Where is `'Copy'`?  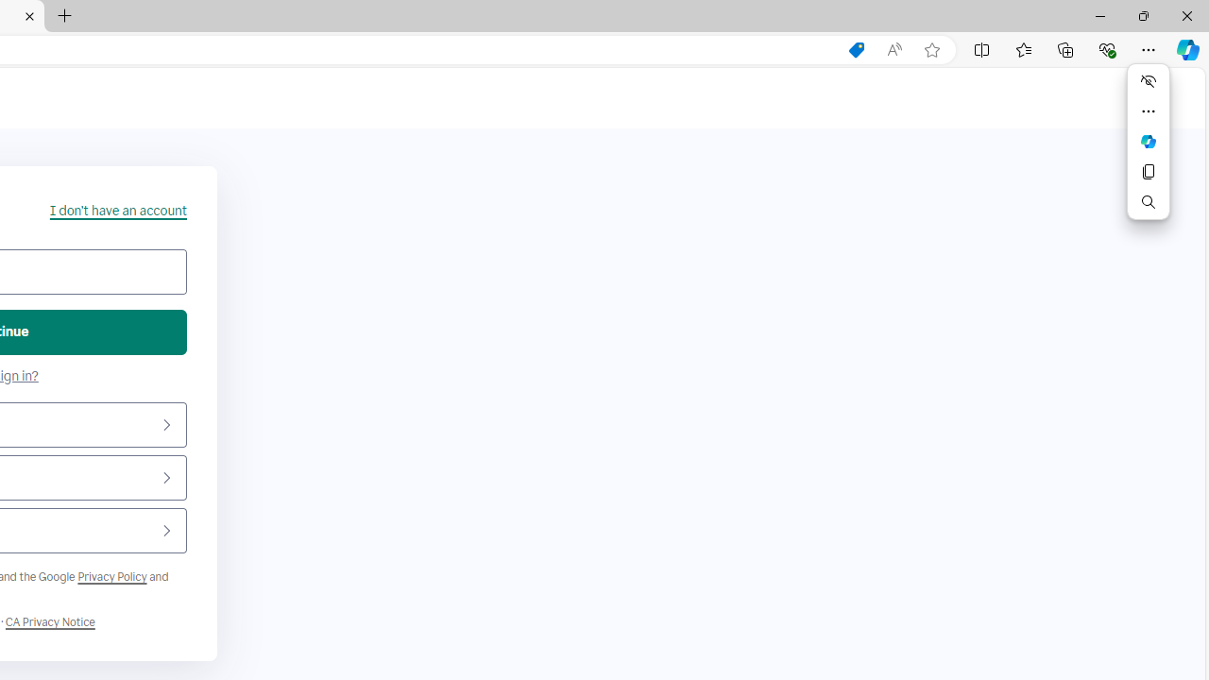
'Copy' is located at coordinates (1148, 172).